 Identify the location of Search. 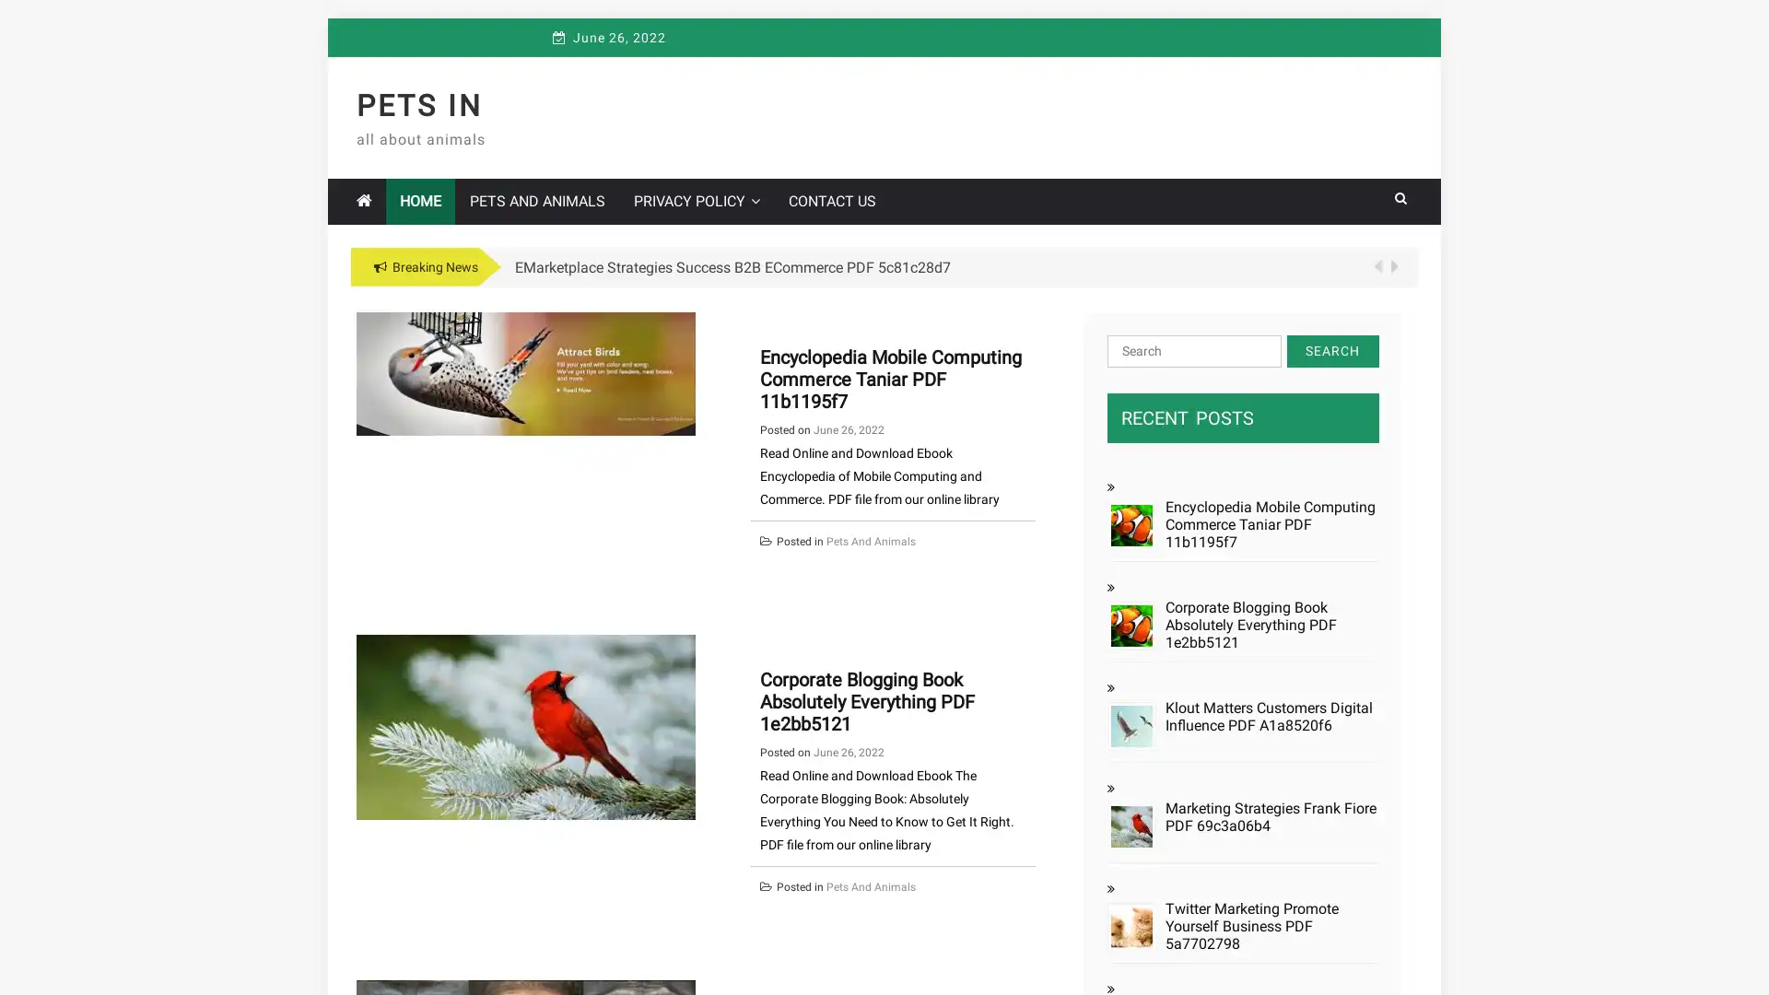
(1331, 350).